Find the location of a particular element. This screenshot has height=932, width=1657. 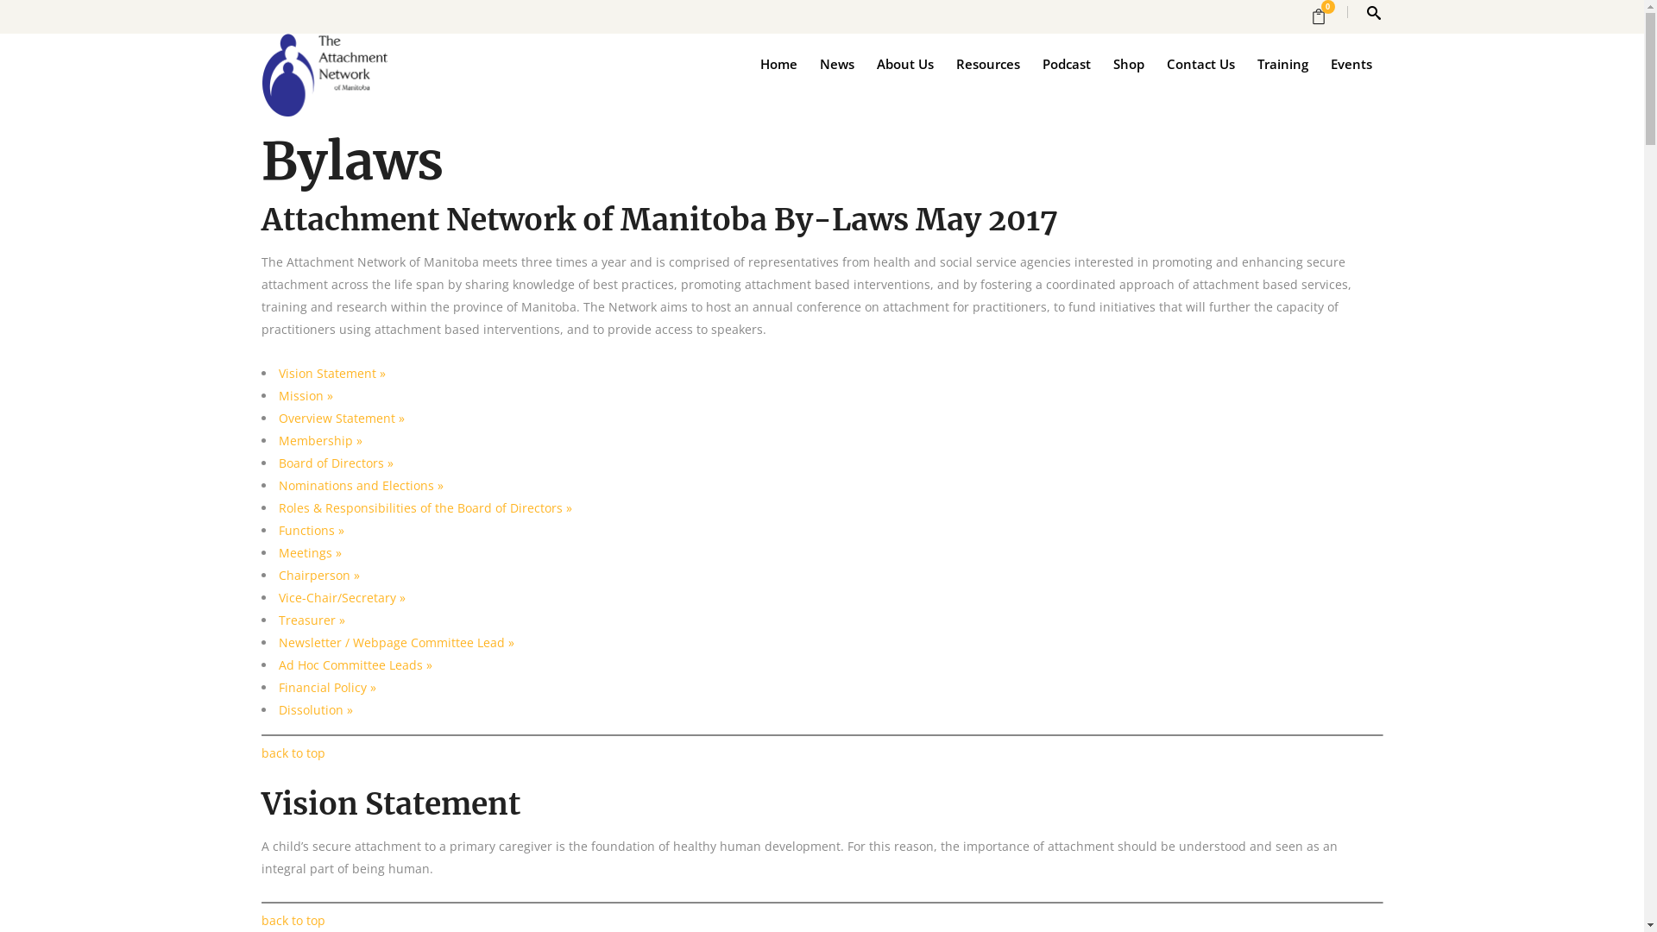

'Events' is located at coordinates (1349, 62).